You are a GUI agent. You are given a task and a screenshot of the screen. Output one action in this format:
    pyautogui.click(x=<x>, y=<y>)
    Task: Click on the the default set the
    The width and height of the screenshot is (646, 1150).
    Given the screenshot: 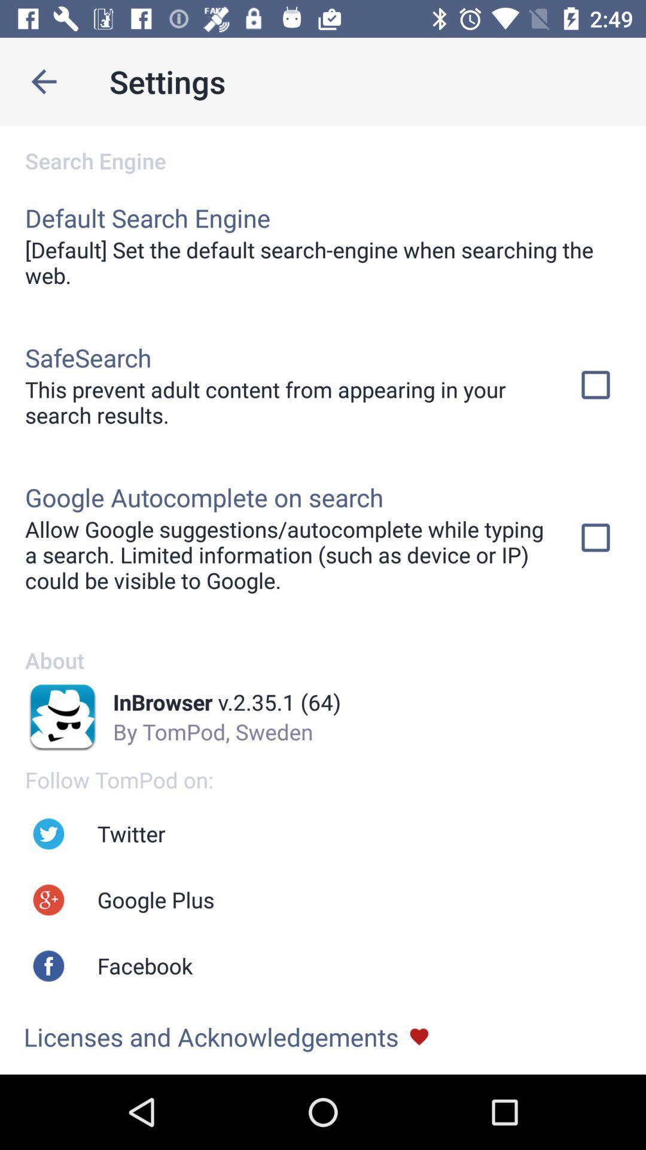 What is the action you would take?
    pyautogui.click(x=323, y=262)
    